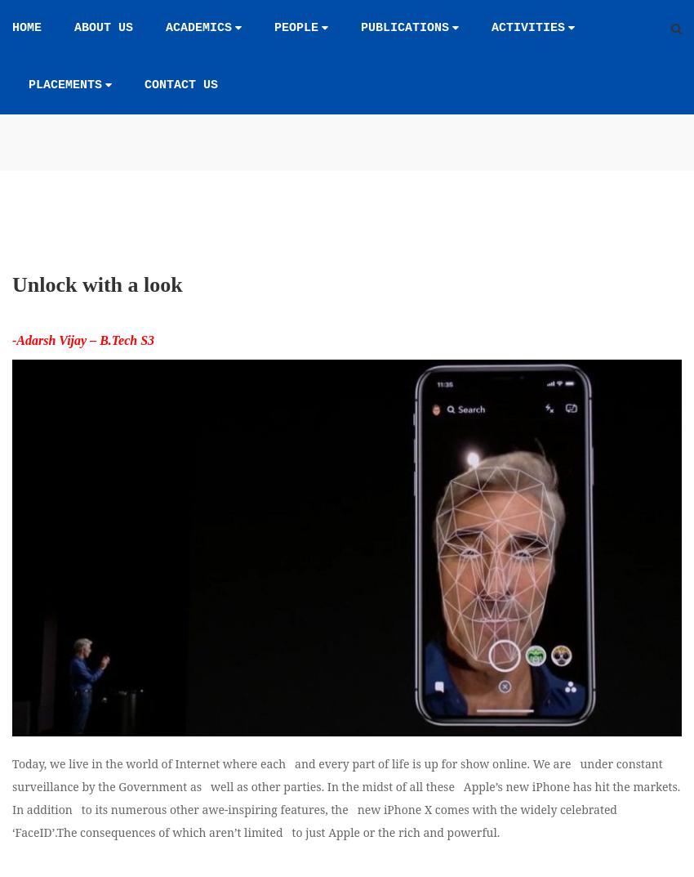 This screenshot has height=877, width=694. What do you see at coordinates (296, 27) in the screenshot?
I see `'People'` at bounding box center [296, 27].